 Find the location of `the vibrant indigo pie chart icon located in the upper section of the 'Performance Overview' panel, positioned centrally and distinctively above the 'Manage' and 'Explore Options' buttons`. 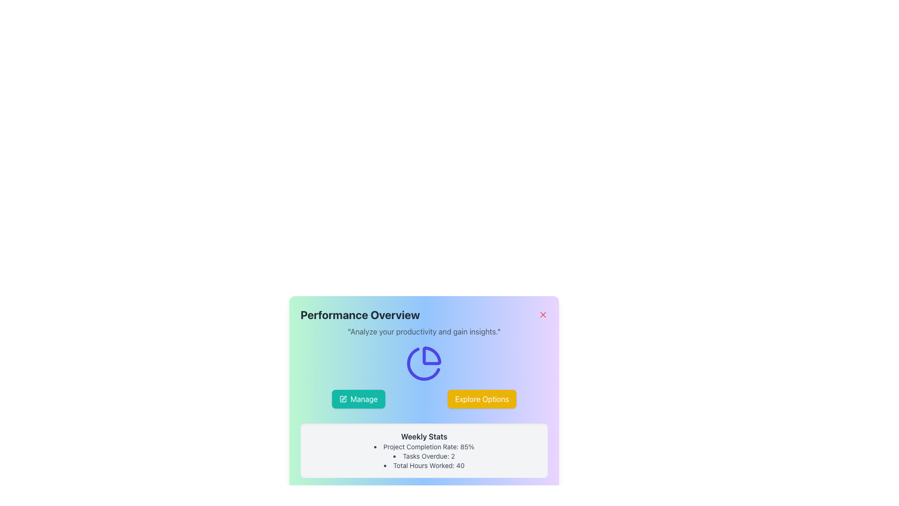

the vibrant indigo pie chart icon located in the upper section of the 'Performance Overview' panel, positioned centrally and distinctively above the 'Manage' and 'Explore Options' buttons is located at coordinates (424, 363).